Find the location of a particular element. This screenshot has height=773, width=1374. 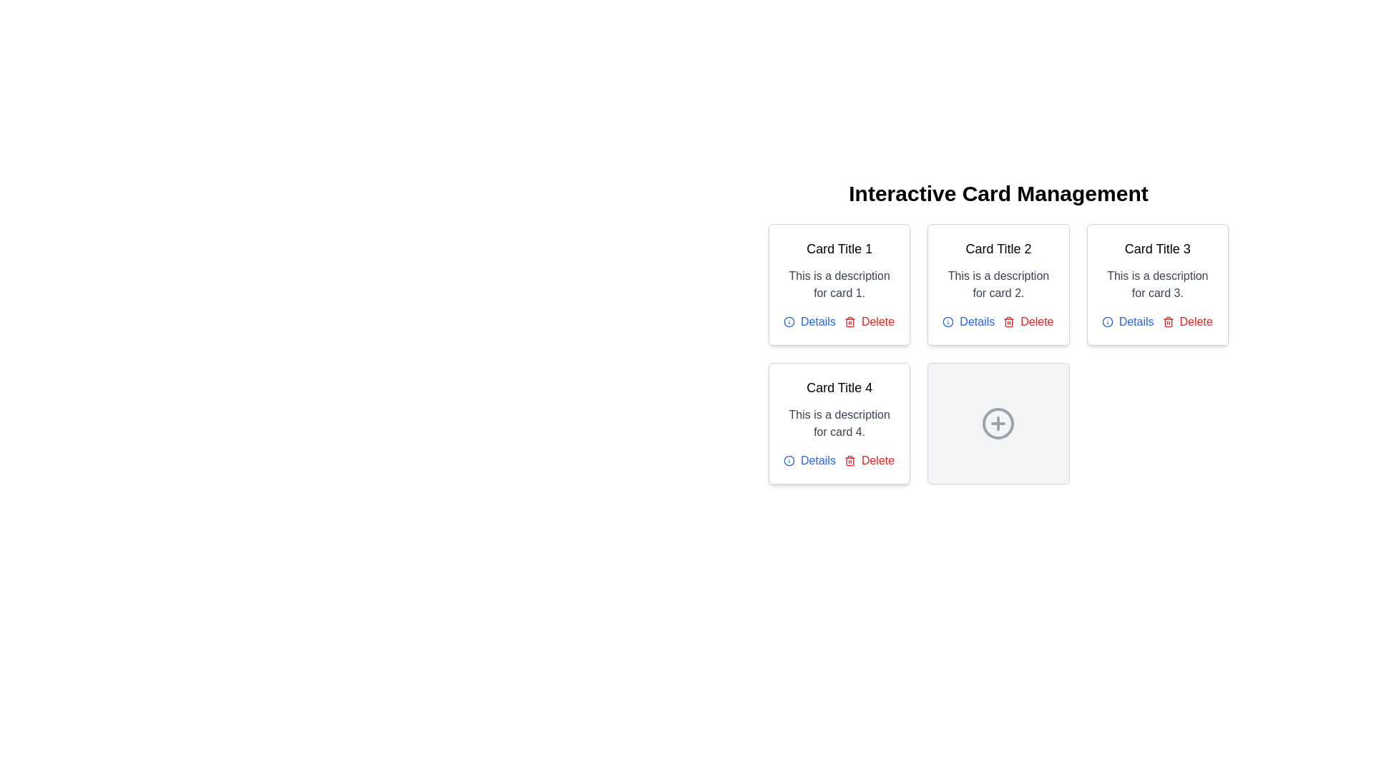

the 'Delete' button-like clickable text with associated trash icon for keyboard navigation is located at coordinates (868, 322).